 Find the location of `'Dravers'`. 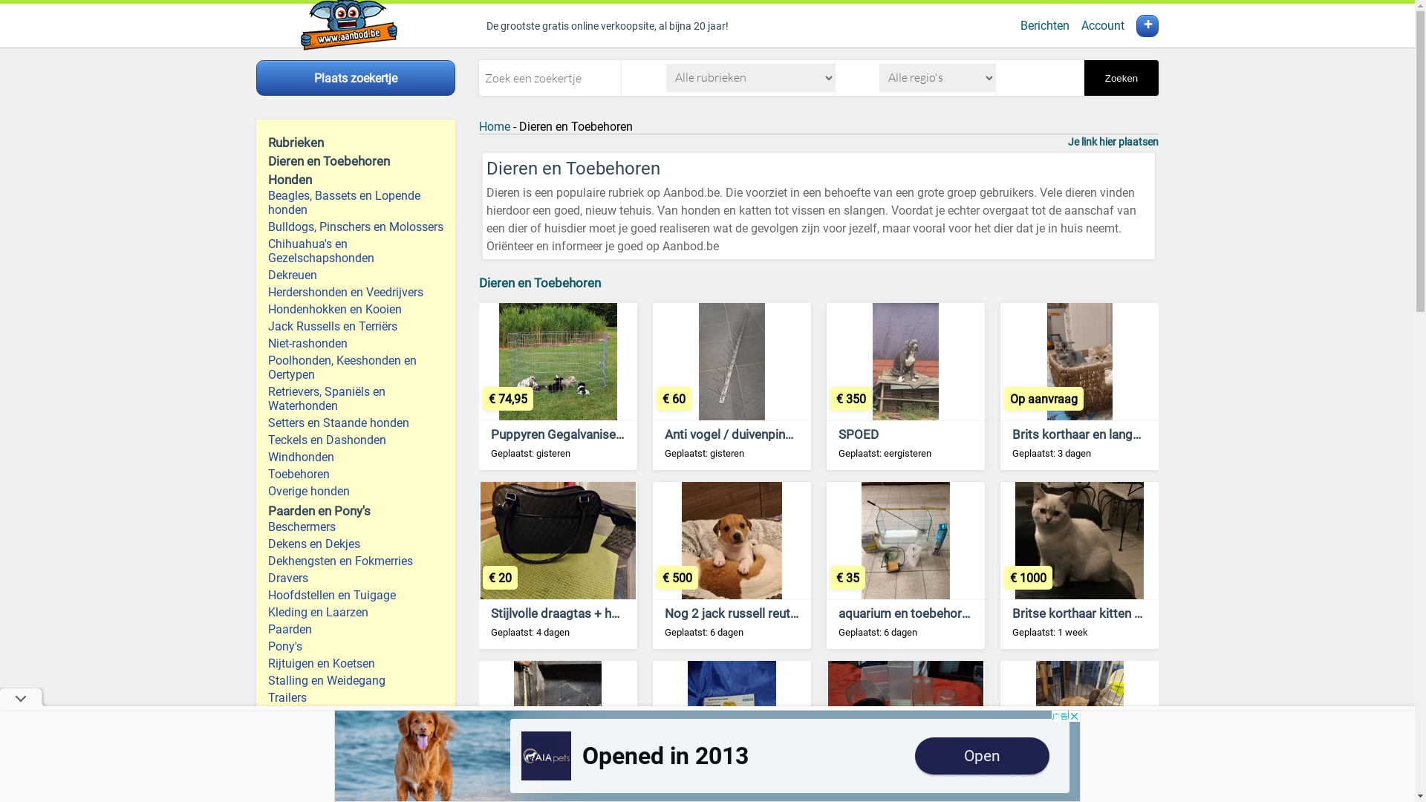

'Dravers' is located at coordinates (355, 577).